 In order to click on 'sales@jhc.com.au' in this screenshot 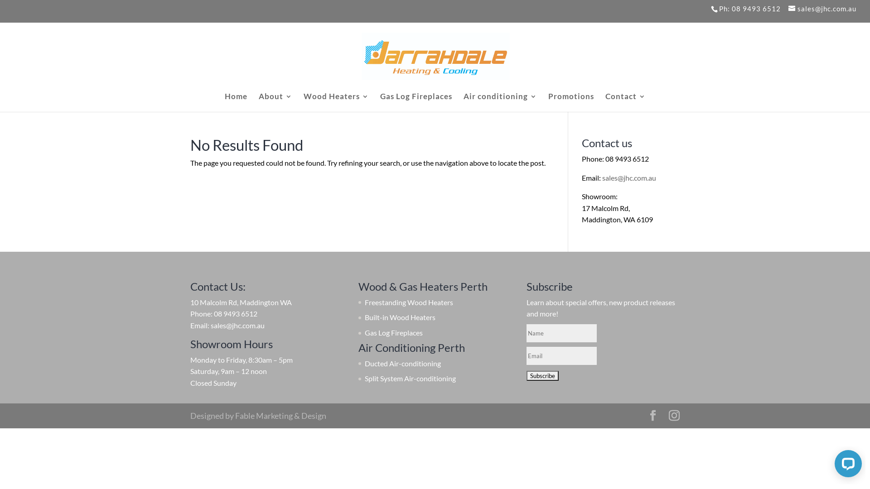, I will do `click(210, 325)`.